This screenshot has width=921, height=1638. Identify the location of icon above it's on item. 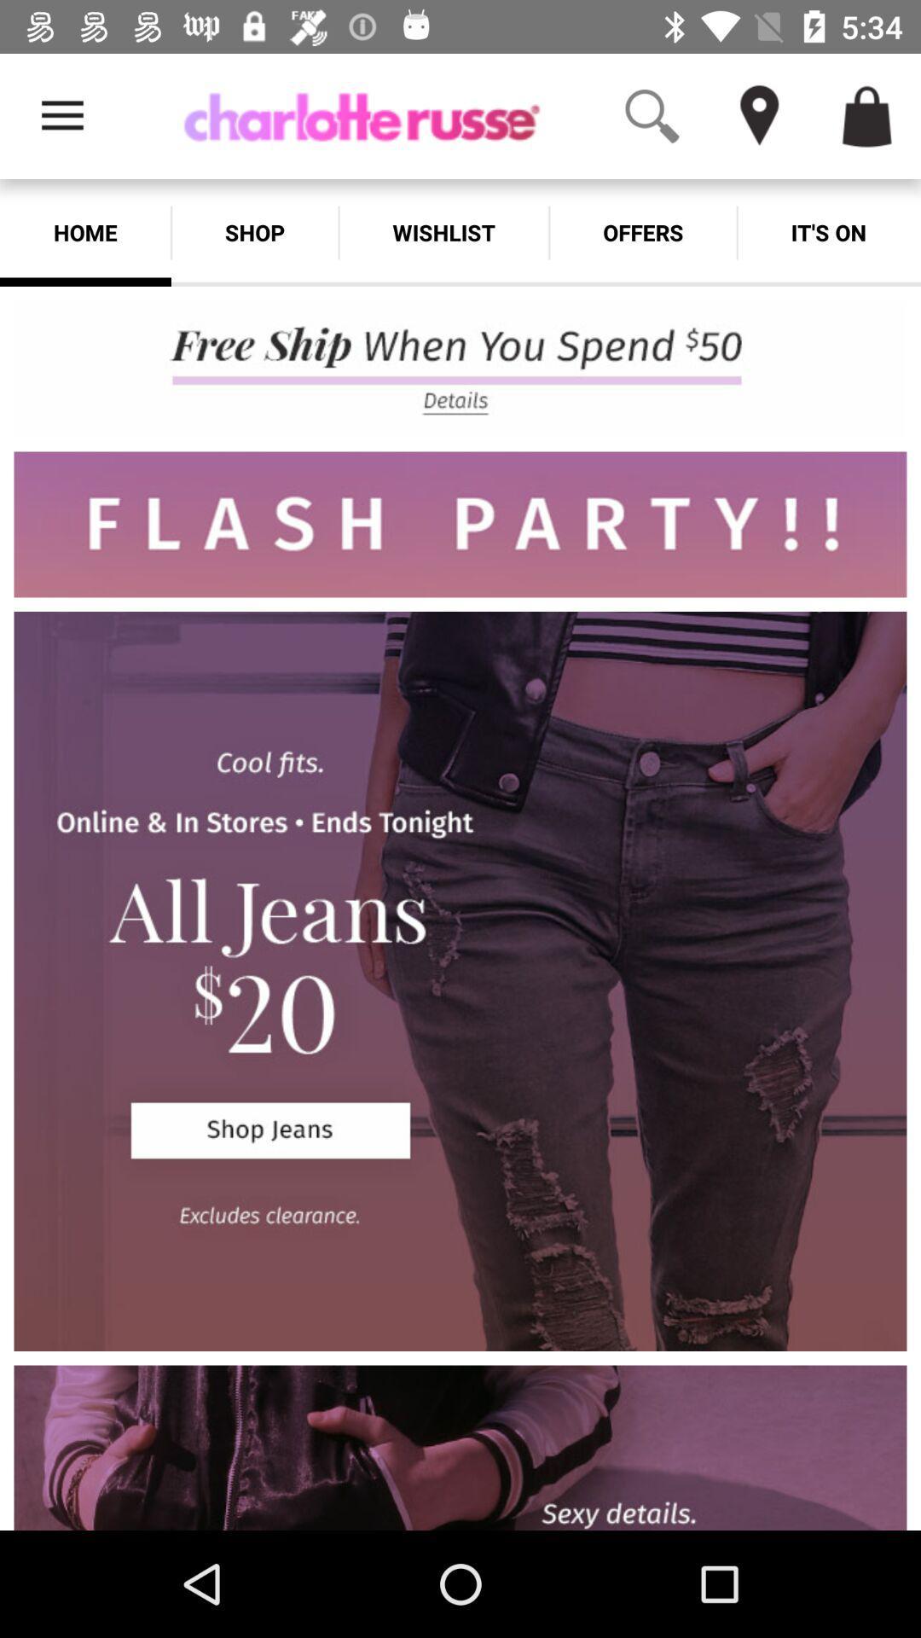
(867, 115).